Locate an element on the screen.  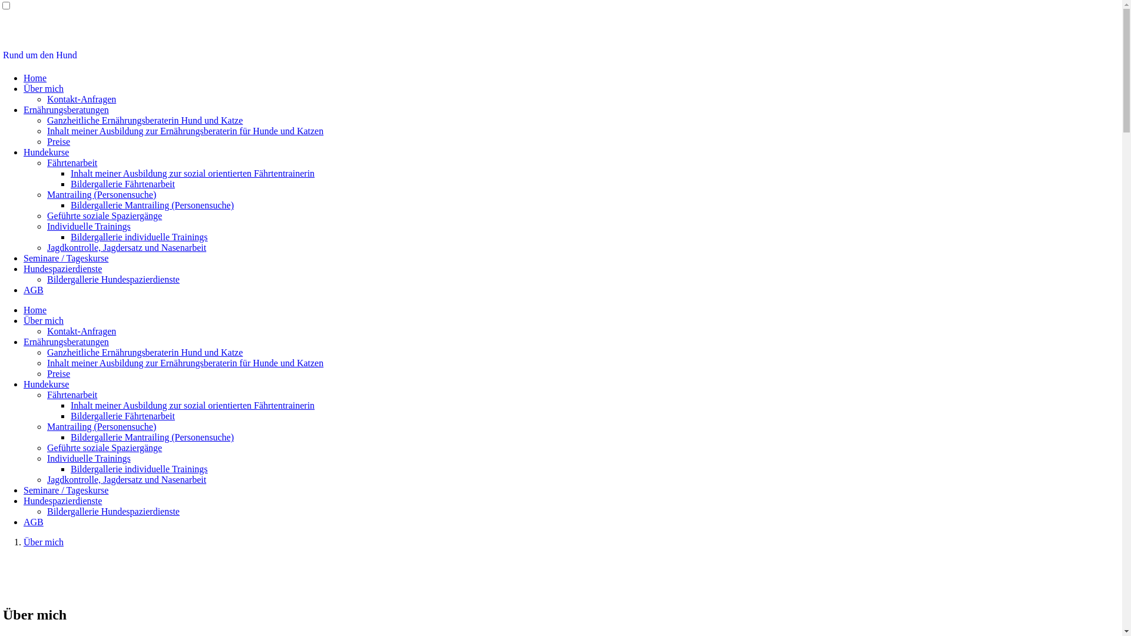
'Bildergallerie Mantrailing (Personensuche)' is located at coordinates (151, 437).